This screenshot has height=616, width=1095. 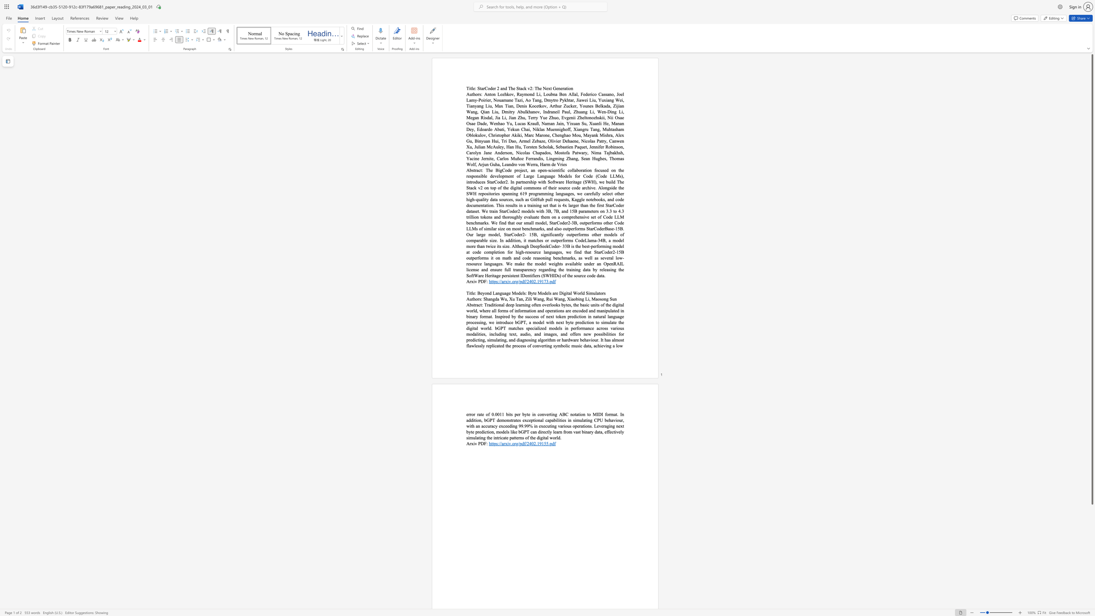 I want to click on the 1th character "n" in the text, so click(x=503, y=88).